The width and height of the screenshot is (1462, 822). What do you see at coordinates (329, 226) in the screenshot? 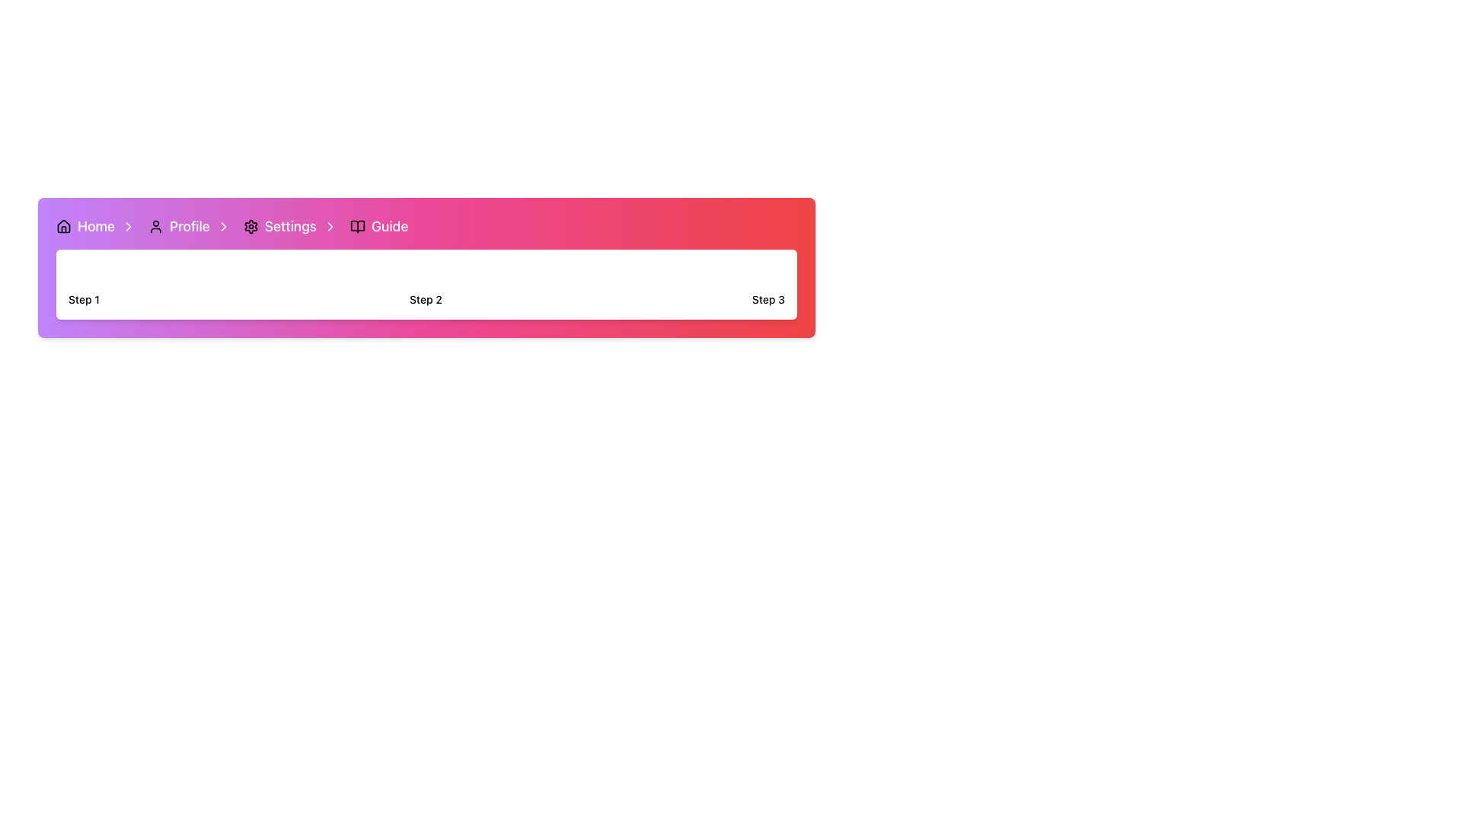
I see `the right-pointing chevron icon with a thin white outline that follows the 'Settings' text` at bounding box center [329, 226].